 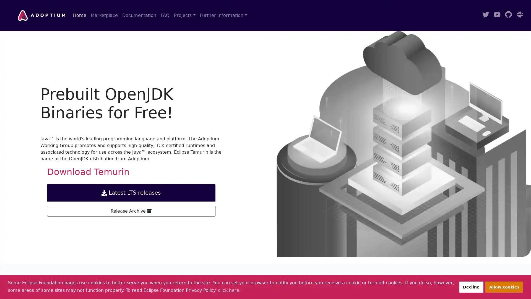 What do you see at coordinates (229, 290) in the screenshot?
I see `learn more about cookies` at bounding box center [229, 290].